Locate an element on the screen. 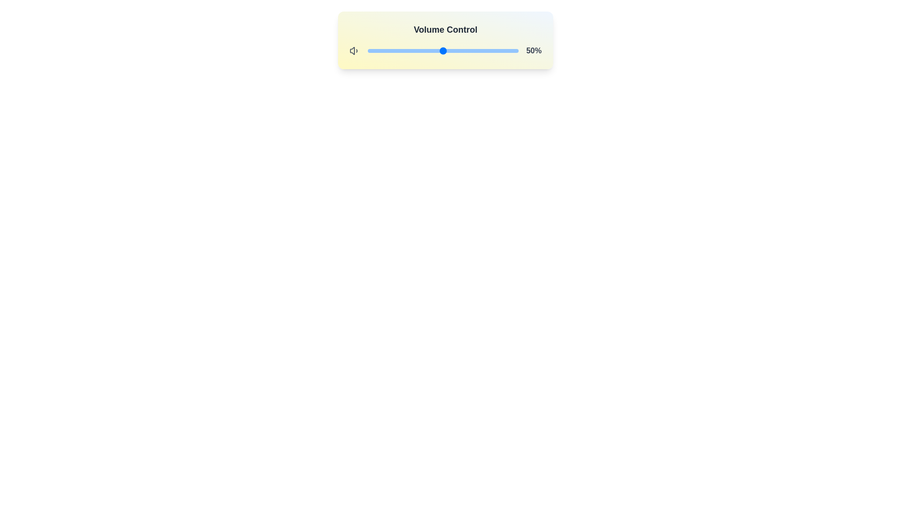 The width and height of the screenshot is (922, 519). the volume slider to 49 percent is located at coordinates (441, 50).